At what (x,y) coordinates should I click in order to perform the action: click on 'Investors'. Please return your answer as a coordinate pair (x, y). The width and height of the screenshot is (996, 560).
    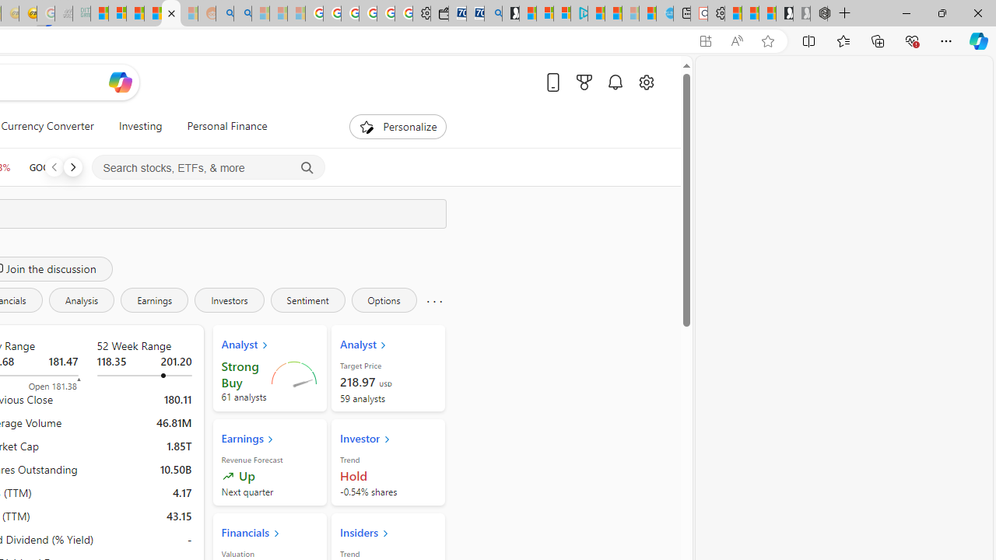
    Looking at the image, I should click on (229, 299).